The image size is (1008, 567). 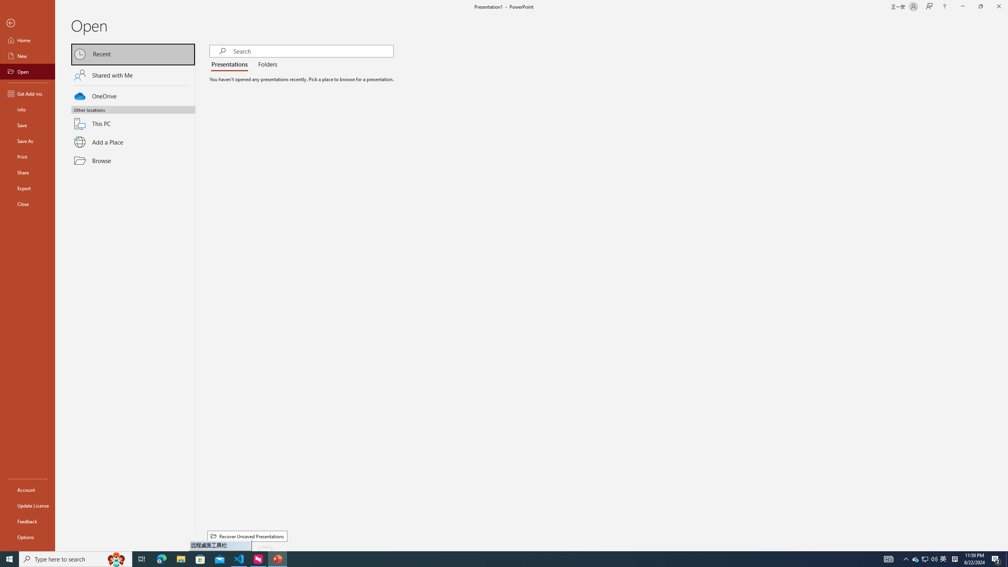 What do you see at coordinates (27, 537) in the screenshot?
I see `'Options'` at bounding box center [27, 537].